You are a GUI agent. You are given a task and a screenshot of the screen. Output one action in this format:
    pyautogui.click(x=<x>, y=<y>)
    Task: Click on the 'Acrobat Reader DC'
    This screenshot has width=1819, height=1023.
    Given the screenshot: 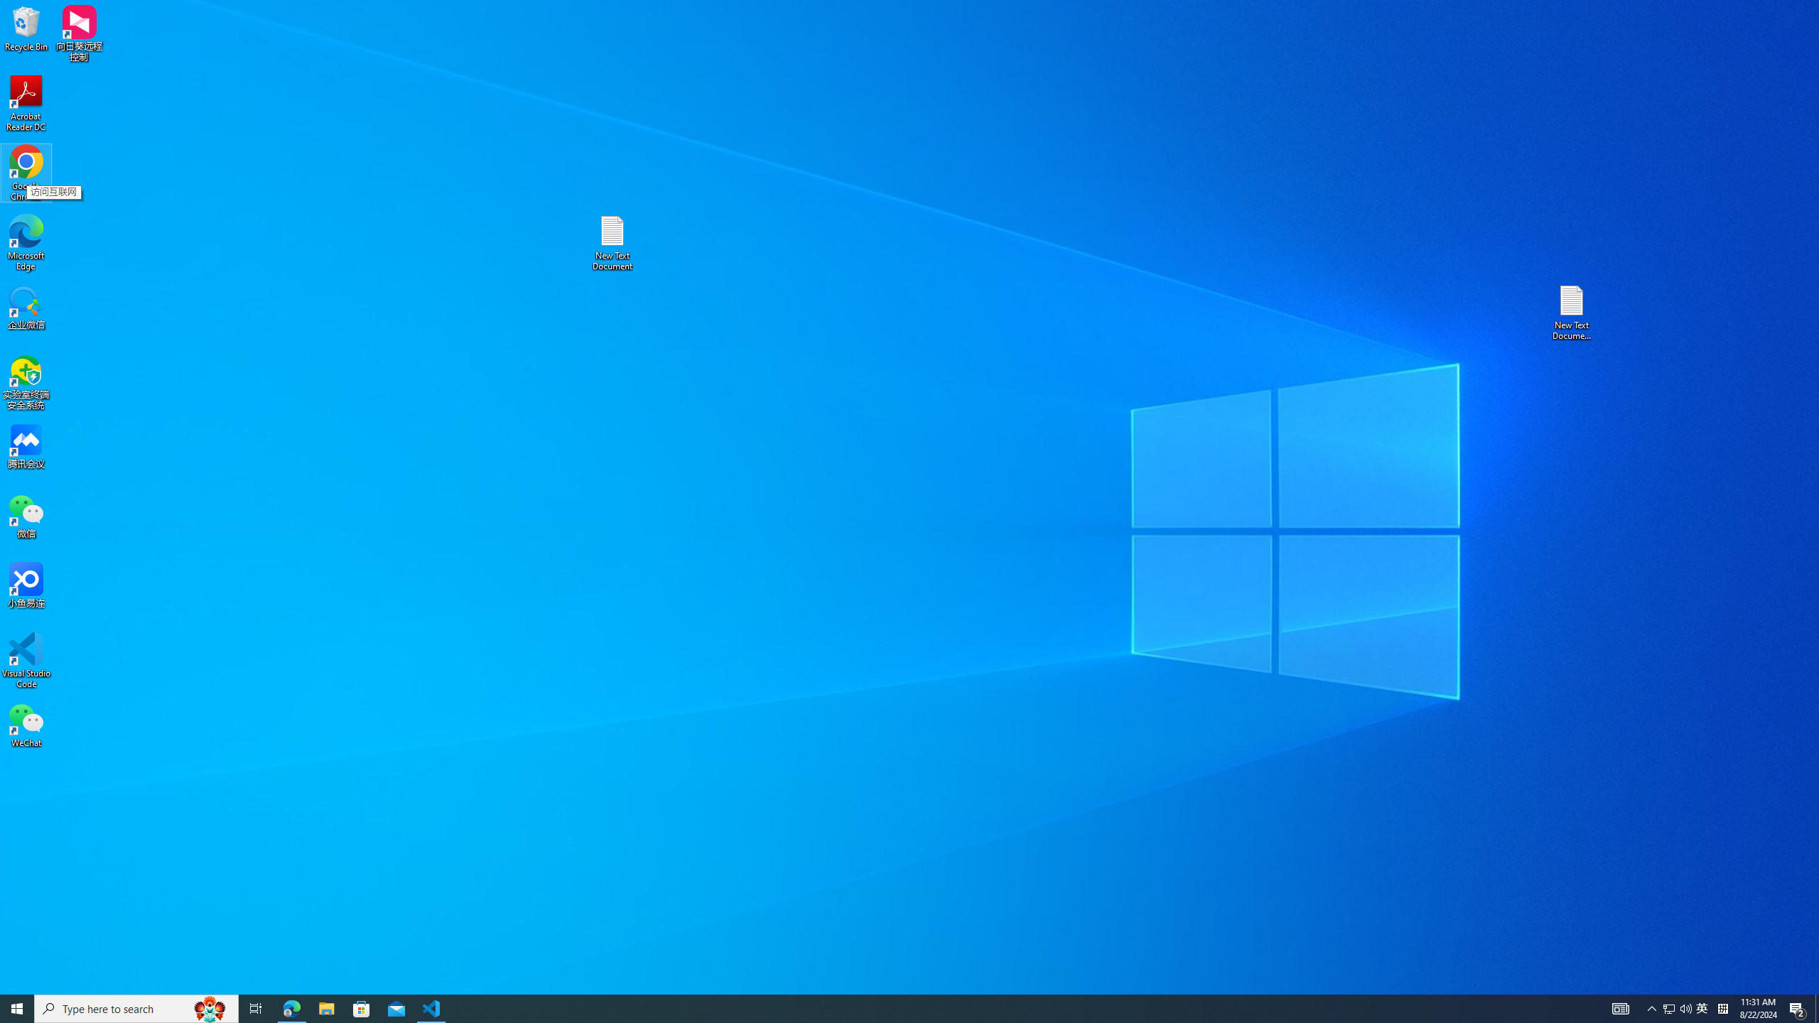 What is the action you would take?
    pyautogui.click(x=26, y=103)
    